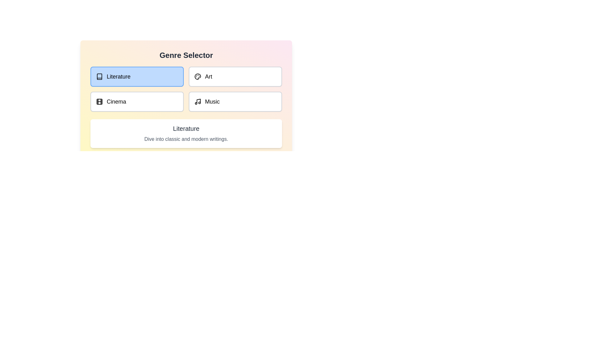 This screenshot has width=601, height=338. I want to click on the text label displaying 'Art' to potentially display a tooltip, located at the top right corner of the genre options grid, so click(208, 76).